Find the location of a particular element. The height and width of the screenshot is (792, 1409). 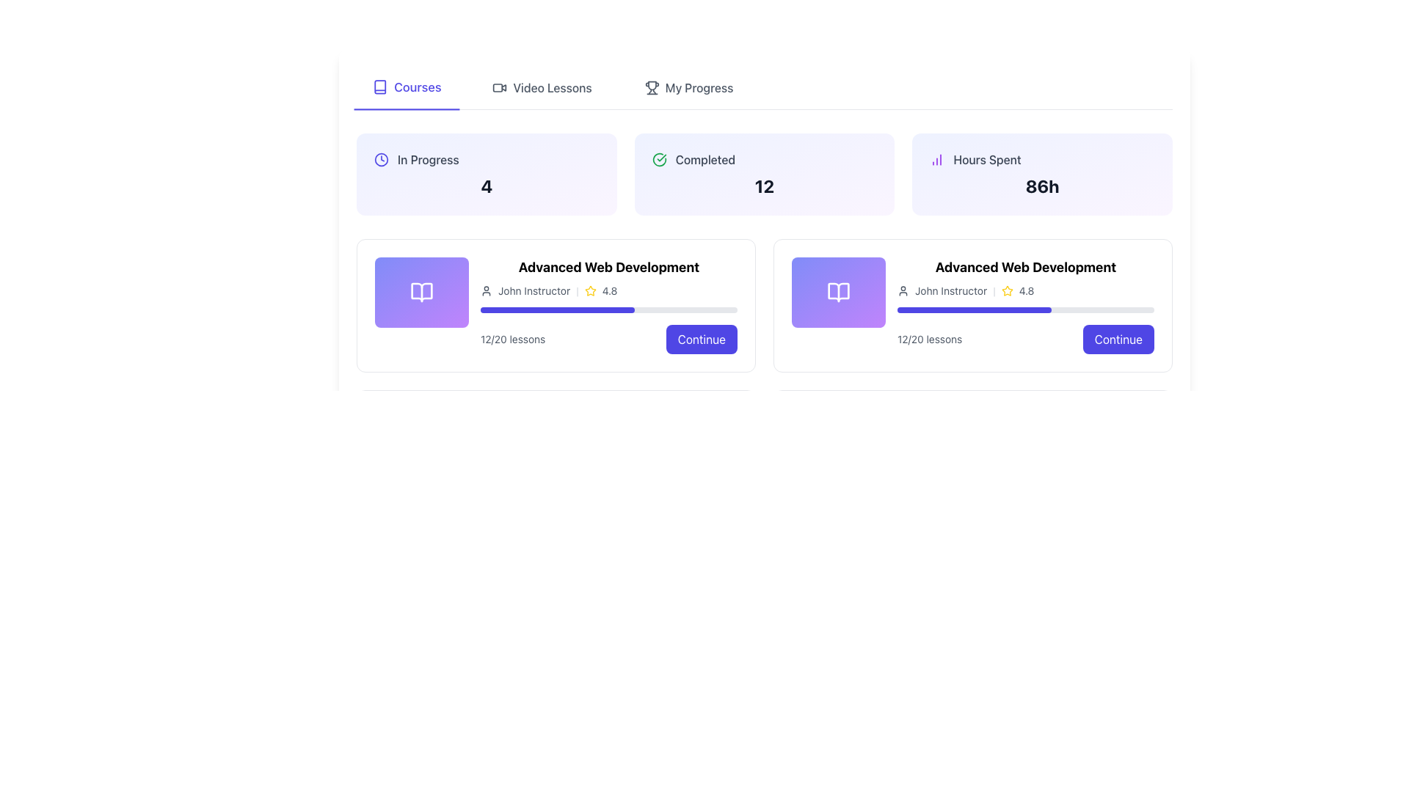

the circular green icon with a checkmark in the center, indicating a 'success' or 'completed' status, located in the top center section of the interface within the 'Completed' card is located at coordinates (658, 160).